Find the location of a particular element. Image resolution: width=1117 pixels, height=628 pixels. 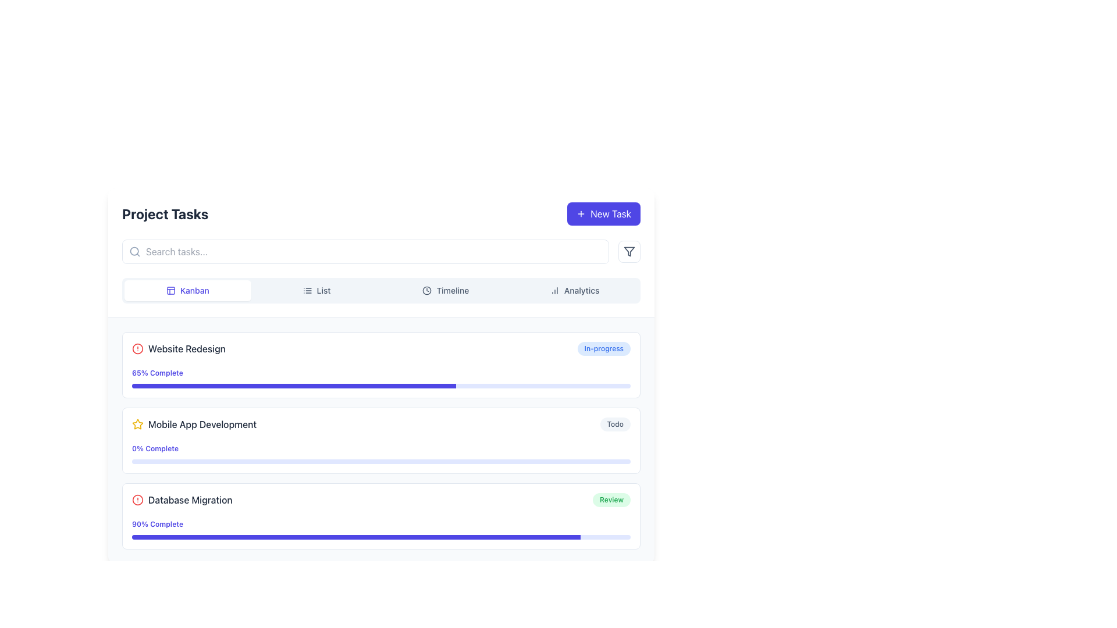

the alert icon representing the warning for the 'Website Redesign' task located to the left of its title in the Project Tasks interface is located at coordinates (137, 348).